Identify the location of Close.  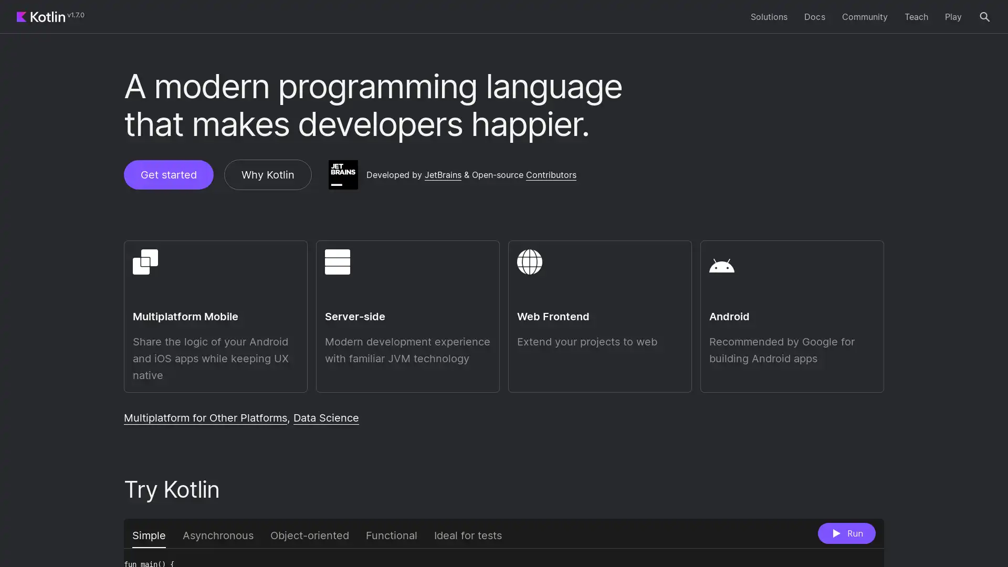
(995, 9).